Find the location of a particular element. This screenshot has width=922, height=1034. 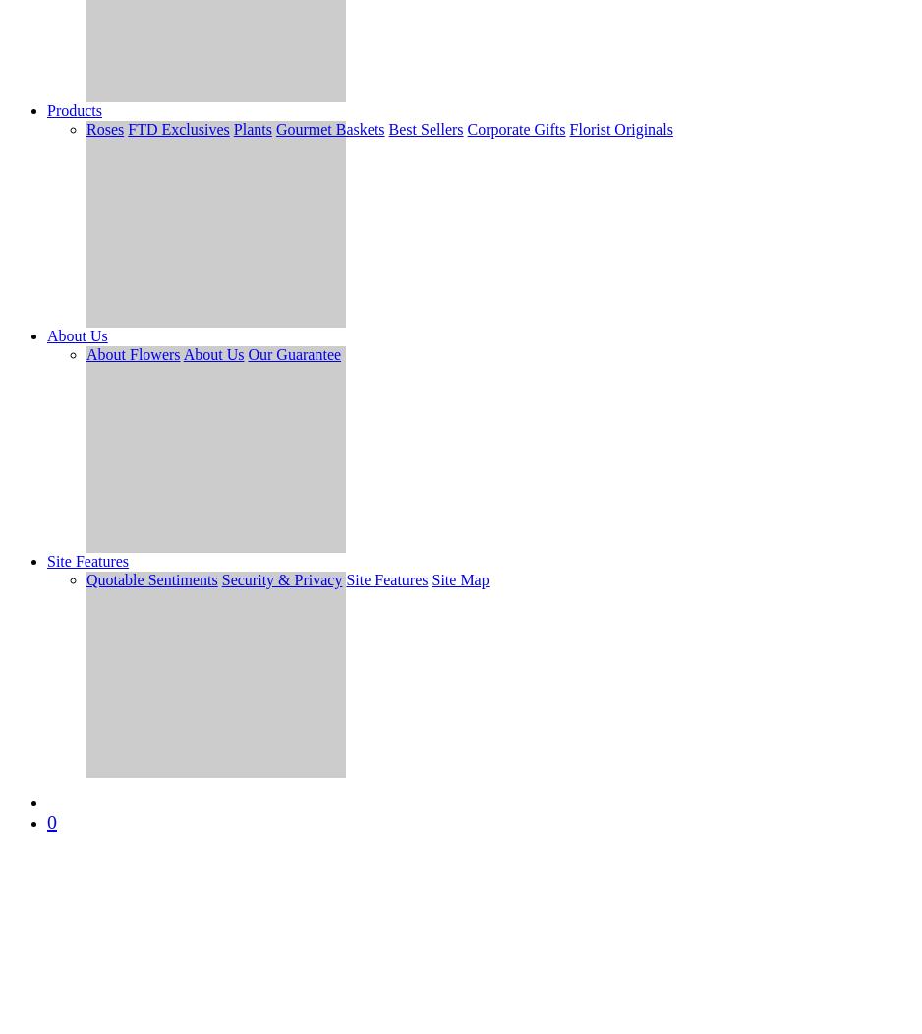

'Quotable Sentiments' is located at coordinates (86, 579).